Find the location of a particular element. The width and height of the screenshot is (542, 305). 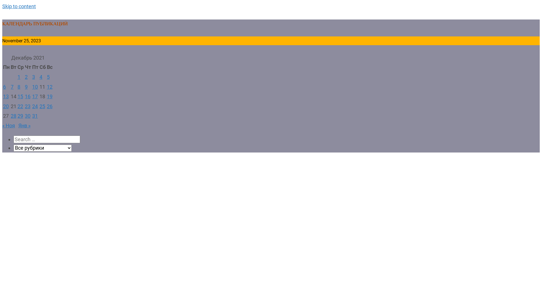

'9' is located at coordinates (26, 87).